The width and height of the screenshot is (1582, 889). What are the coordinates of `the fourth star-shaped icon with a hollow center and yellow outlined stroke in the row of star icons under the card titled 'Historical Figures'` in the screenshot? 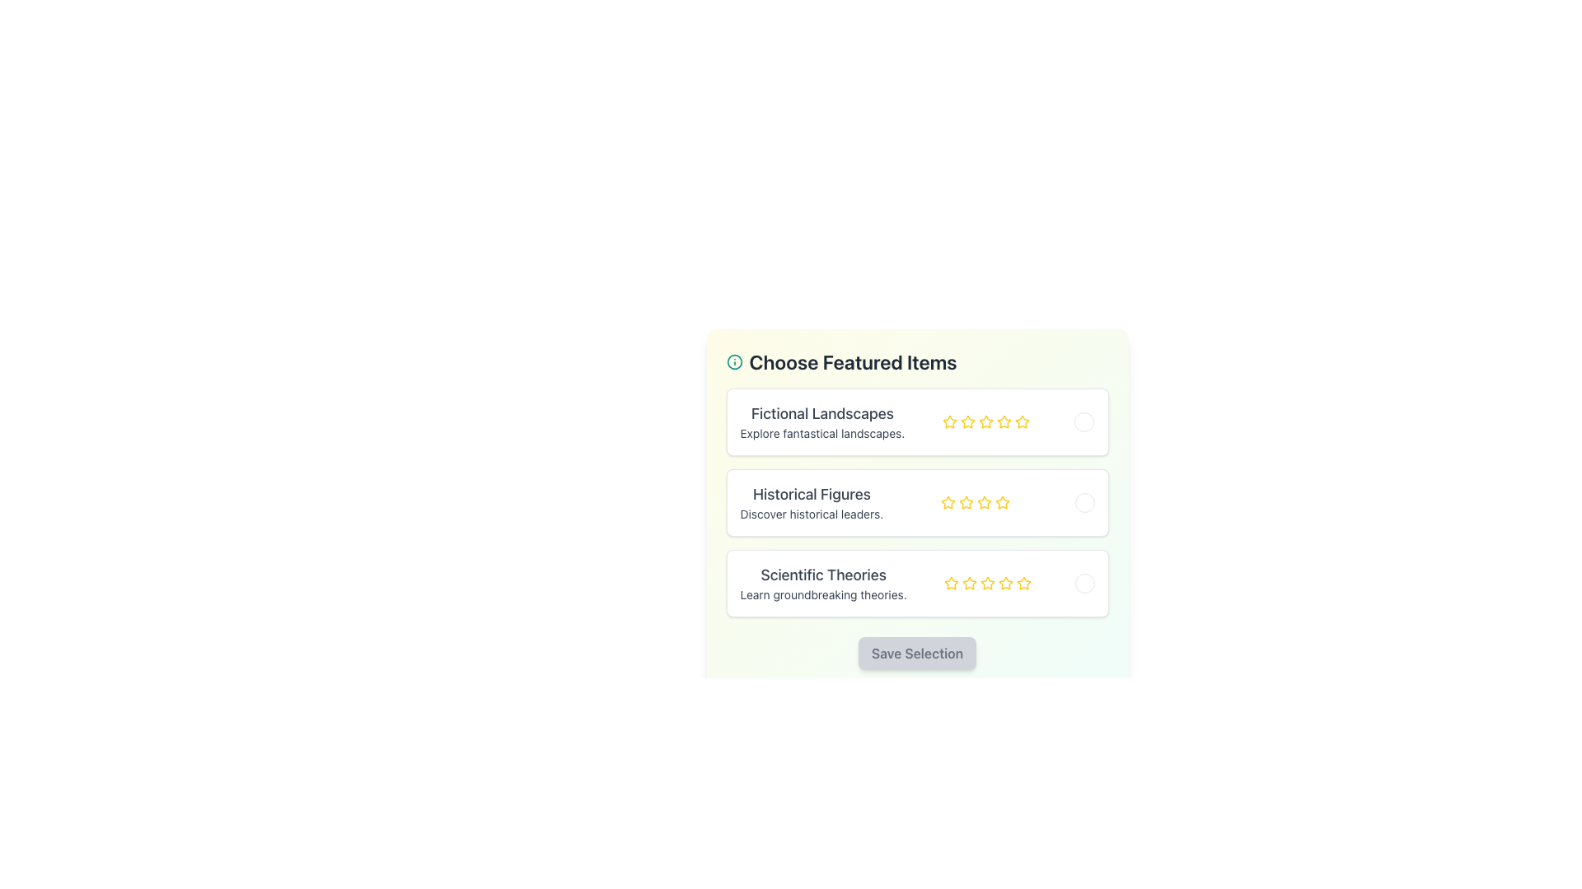 It's located at (985, 501).